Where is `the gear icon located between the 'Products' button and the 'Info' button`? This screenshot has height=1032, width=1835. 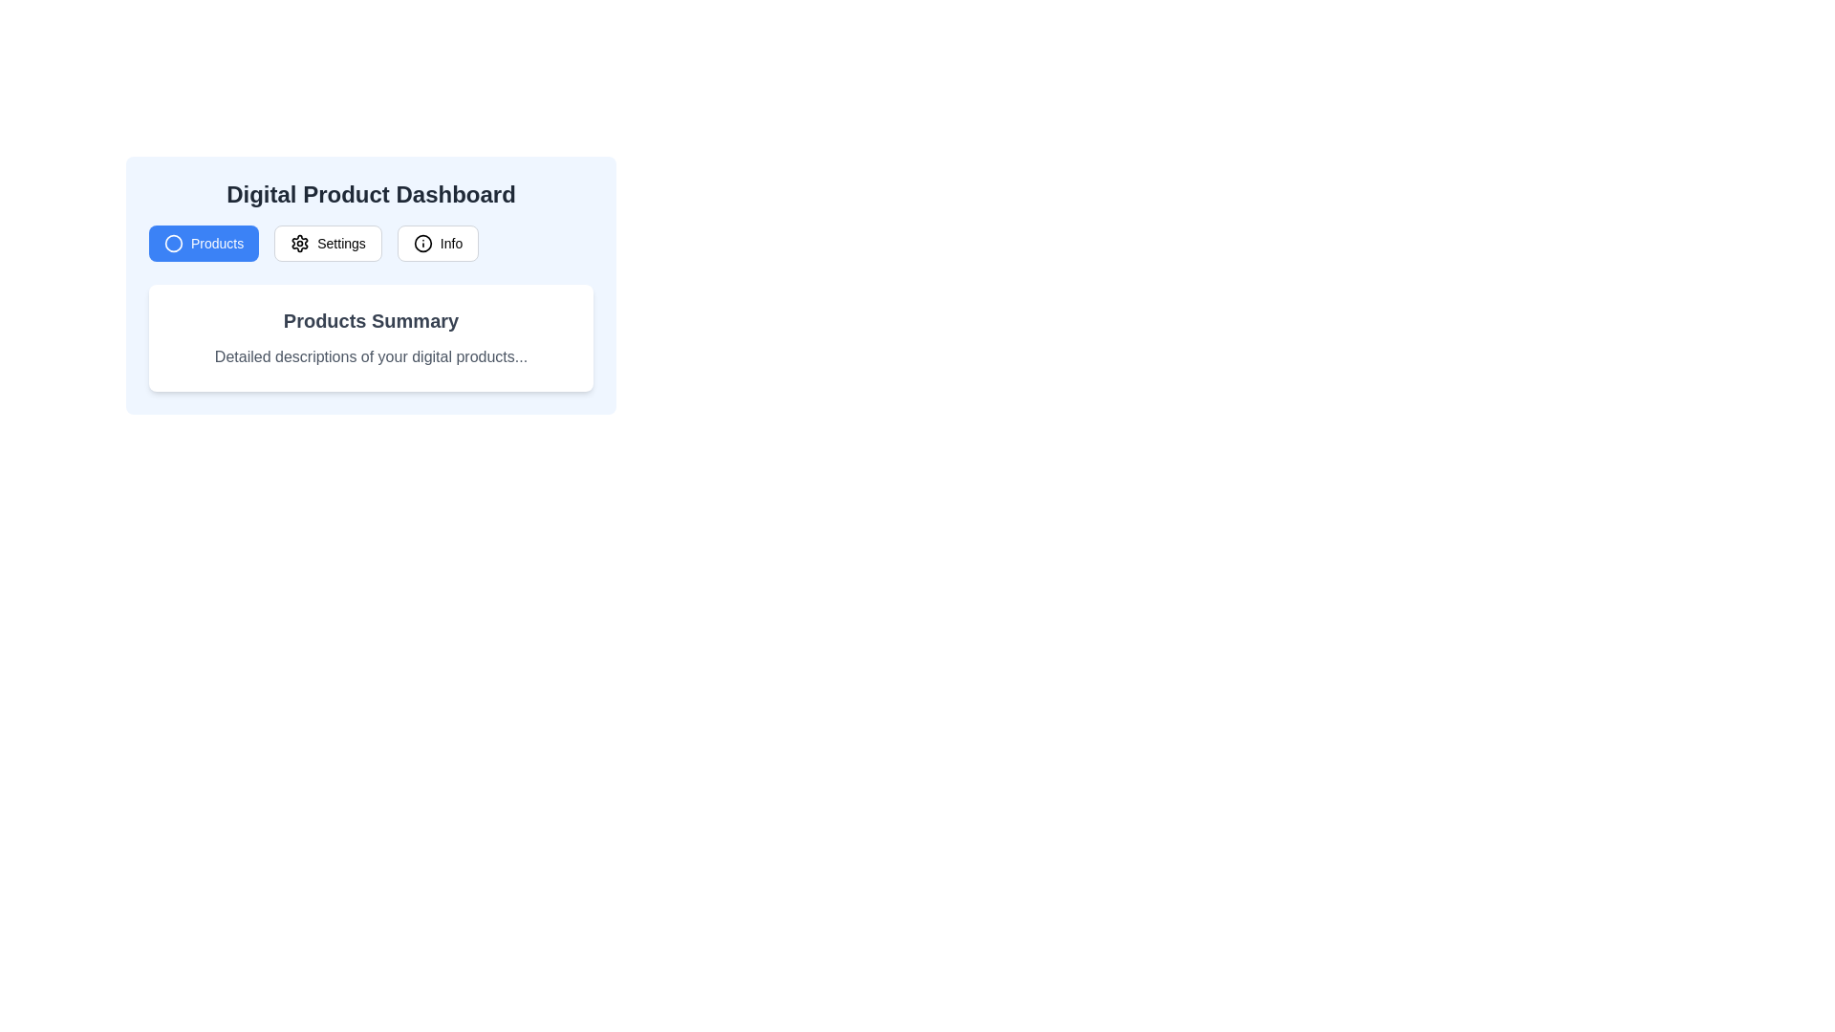 the gear icon located between the 'Products' button and the 'Info' button is located at coordinates (299, 242).